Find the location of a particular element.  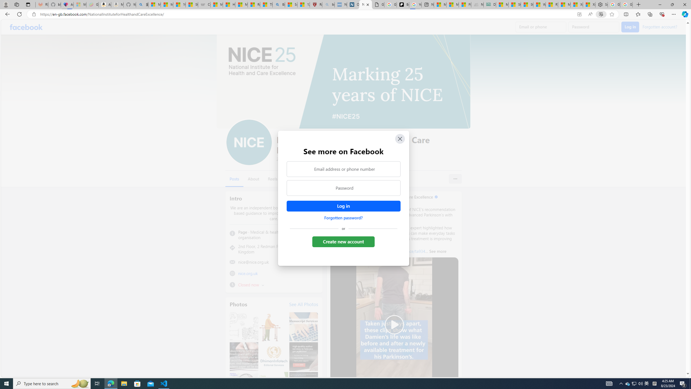

'12 Popular Science Lies that Must be Corrected' is located at coordinates (304, 4).